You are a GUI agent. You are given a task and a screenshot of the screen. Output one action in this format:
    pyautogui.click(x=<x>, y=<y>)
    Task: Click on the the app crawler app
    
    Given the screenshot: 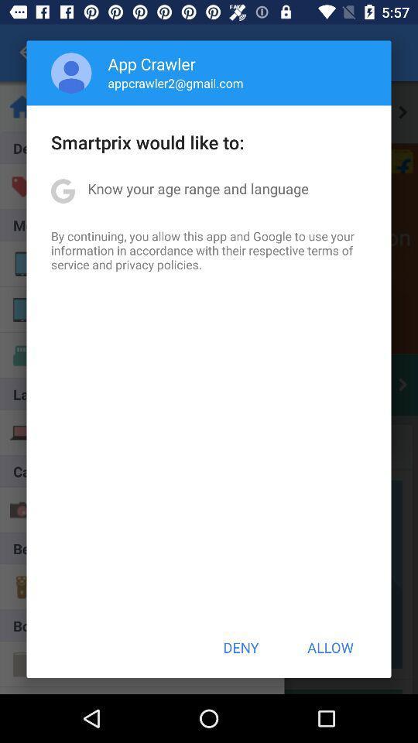 What is the action you would take?
    pyautogui.click(x=152, y=63)
    